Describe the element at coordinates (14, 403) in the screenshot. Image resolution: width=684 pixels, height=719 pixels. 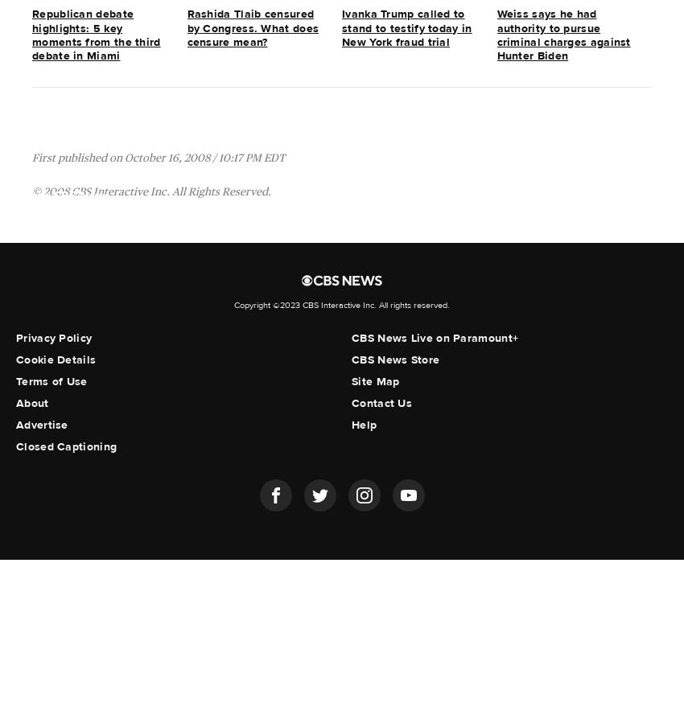
I see `'About'` at that location.